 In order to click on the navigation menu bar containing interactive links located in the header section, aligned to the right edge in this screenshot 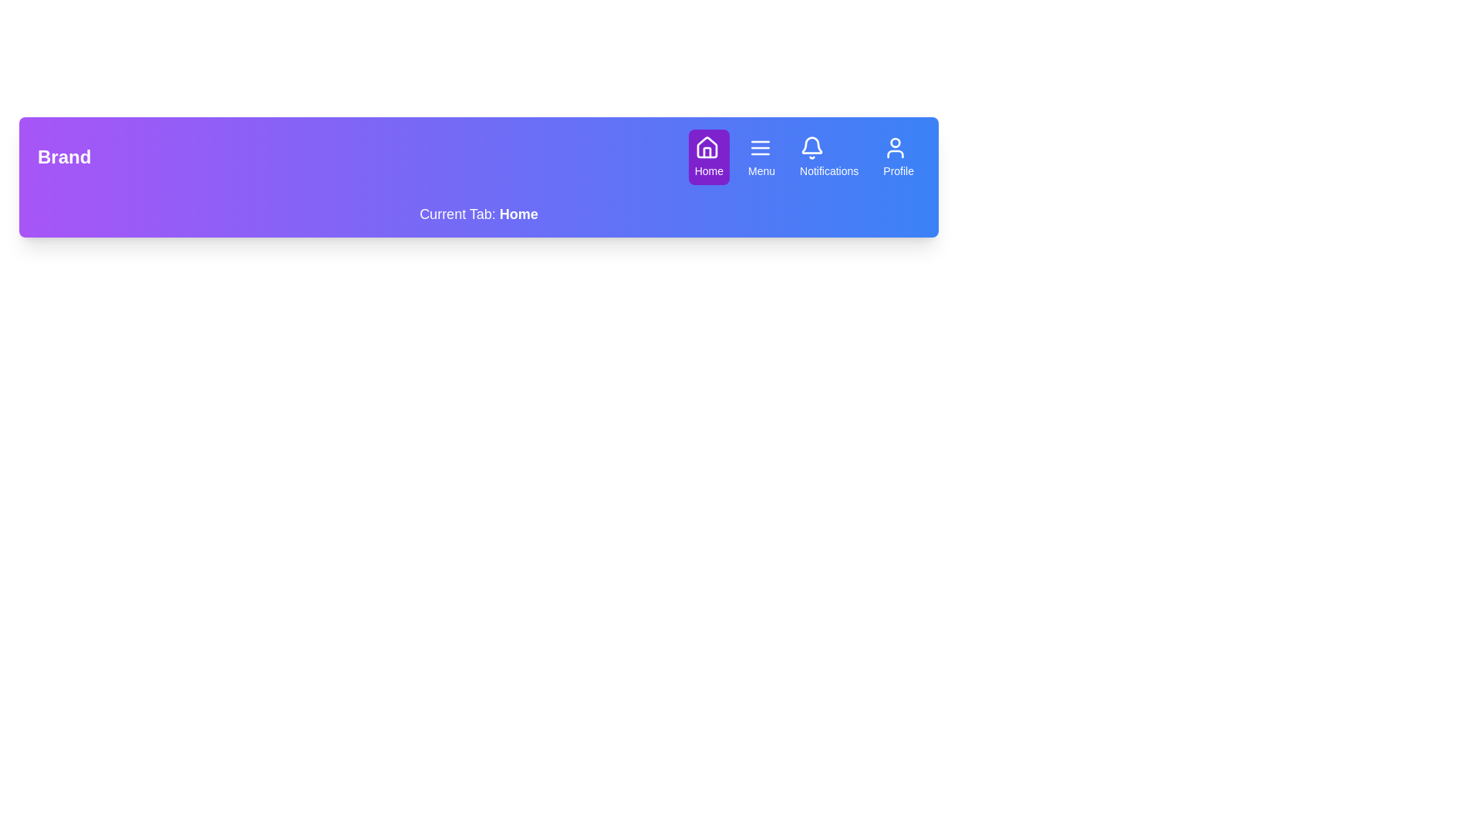, I will do `click(803, 157)`.